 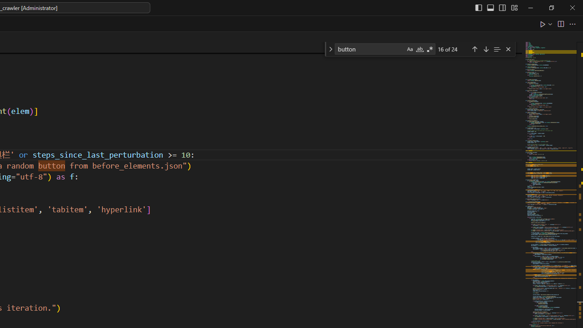 I want to click on 'Toggle Replace', so click(x=330, y=49).